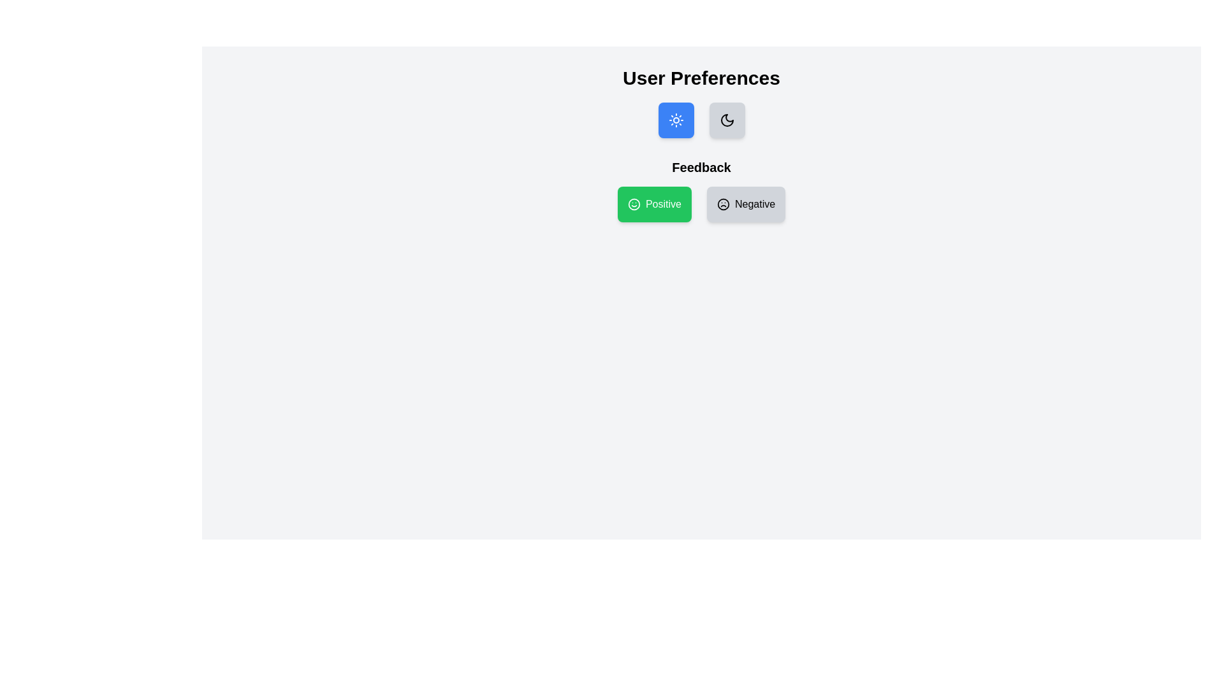  I want to click on title text element that serves as a header for user preferences, positioned above interactive buttons, so click(701, 78).